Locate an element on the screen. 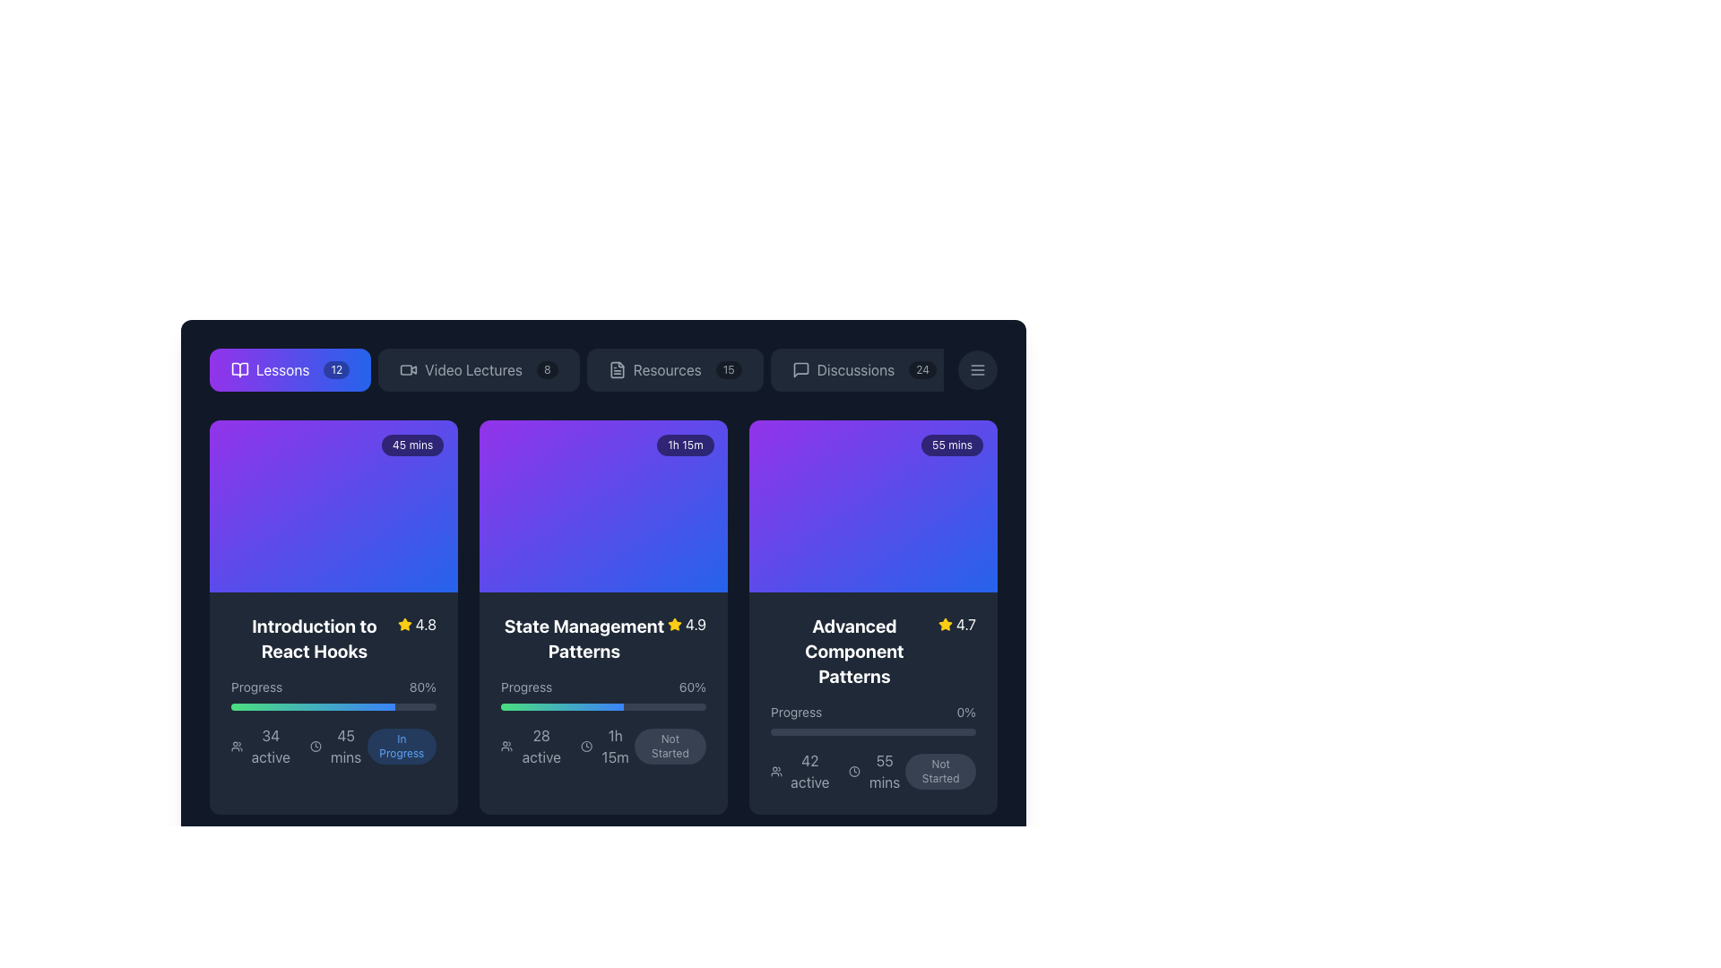 The width and height of the screenshot is (1721, 968). the course module card, which is the middle card in a horizontal row of three is located at coordinates (603, 506).